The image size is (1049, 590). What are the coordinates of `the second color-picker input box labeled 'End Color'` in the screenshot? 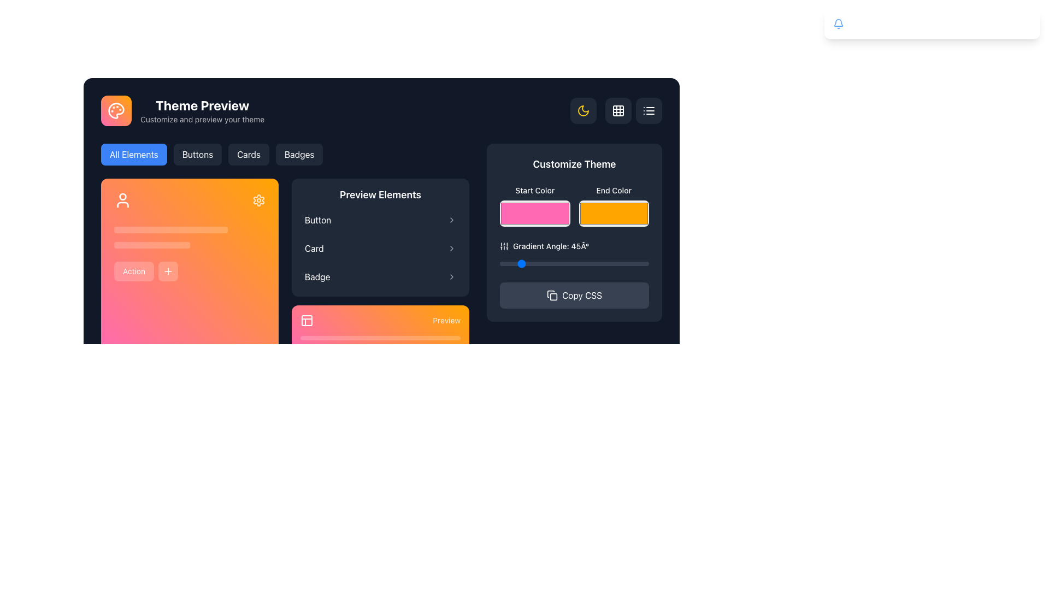 It's located at (614, 213).